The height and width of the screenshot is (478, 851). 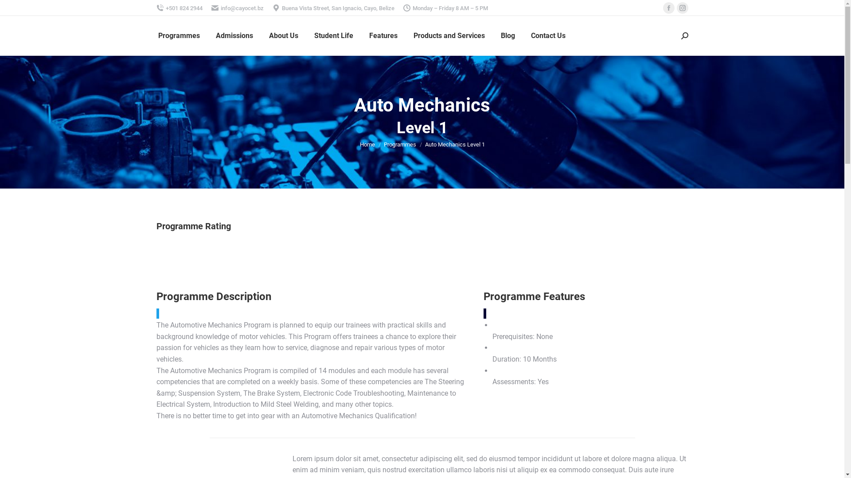 I want to click on 'Home', so click(x=367, y=144).